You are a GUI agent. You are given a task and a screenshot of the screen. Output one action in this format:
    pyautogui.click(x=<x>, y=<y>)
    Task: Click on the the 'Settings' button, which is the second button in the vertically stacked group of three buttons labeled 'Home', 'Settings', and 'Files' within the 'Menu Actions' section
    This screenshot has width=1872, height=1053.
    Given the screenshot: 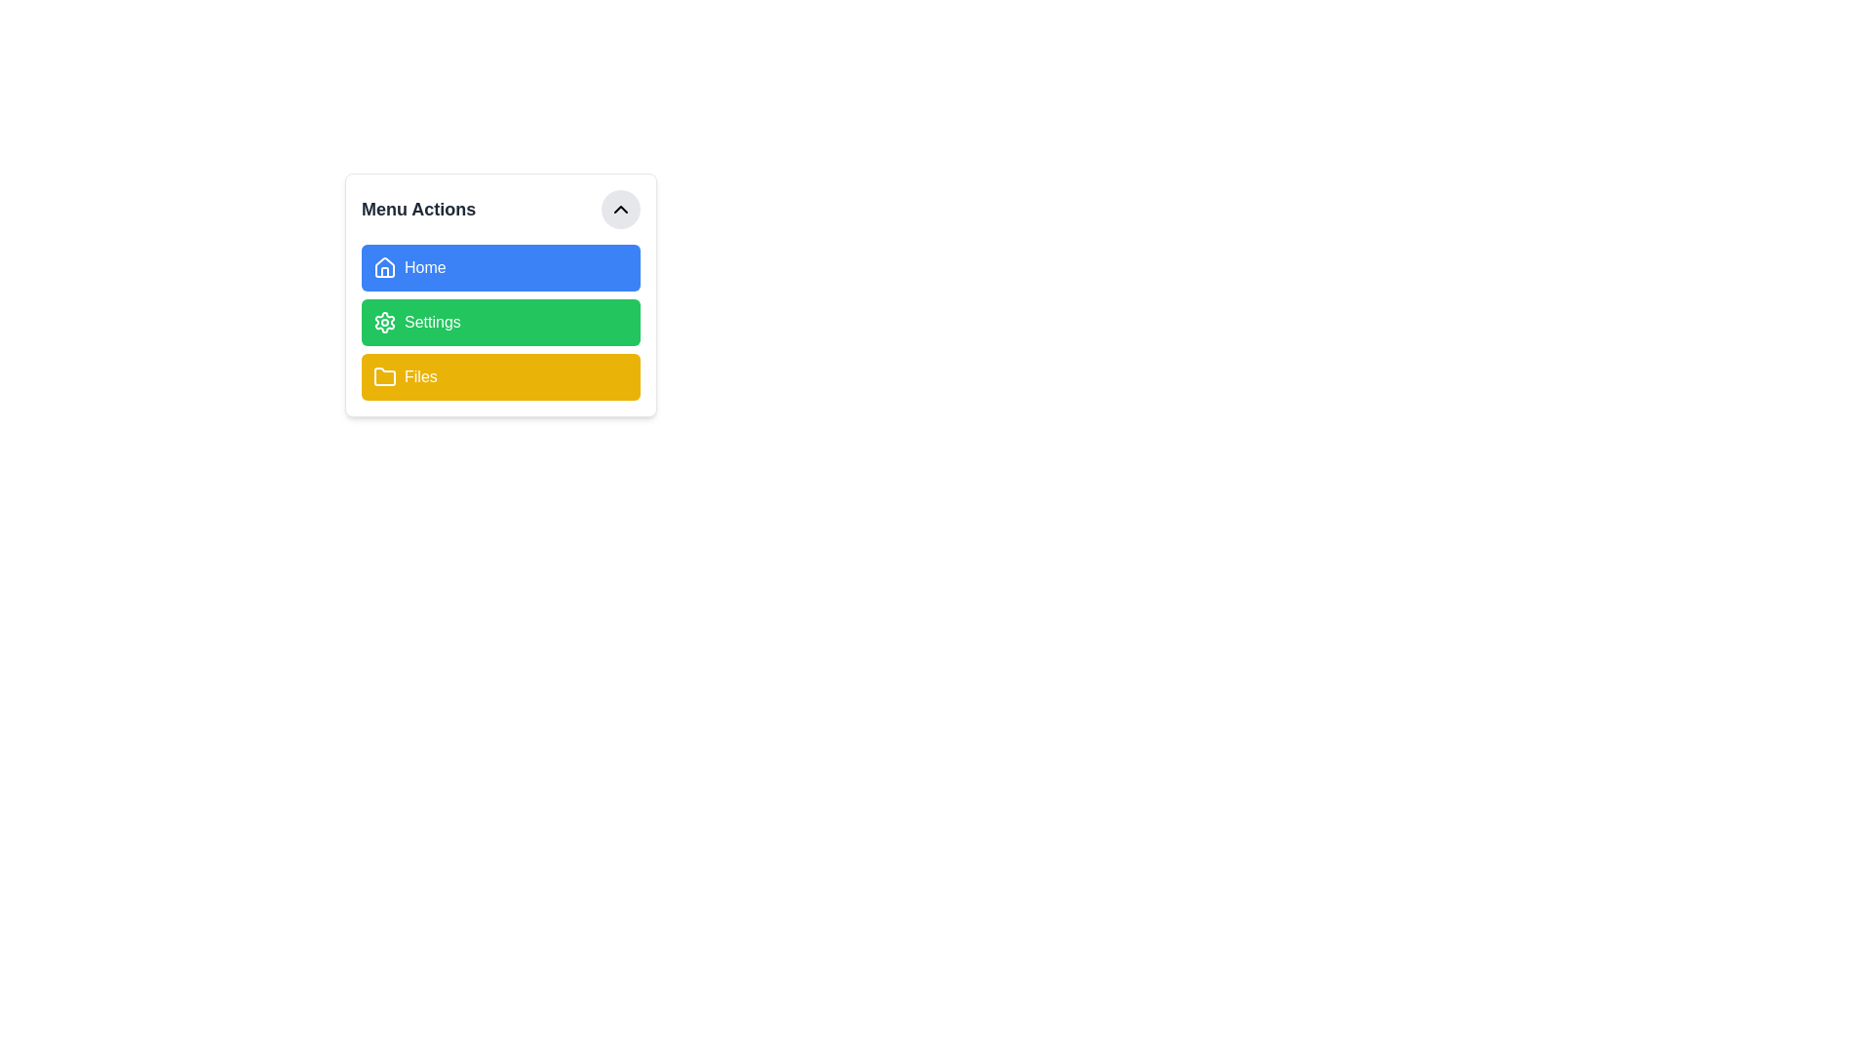 What is the action you would take?
    pyautogui.click(x=500, y=322)
    